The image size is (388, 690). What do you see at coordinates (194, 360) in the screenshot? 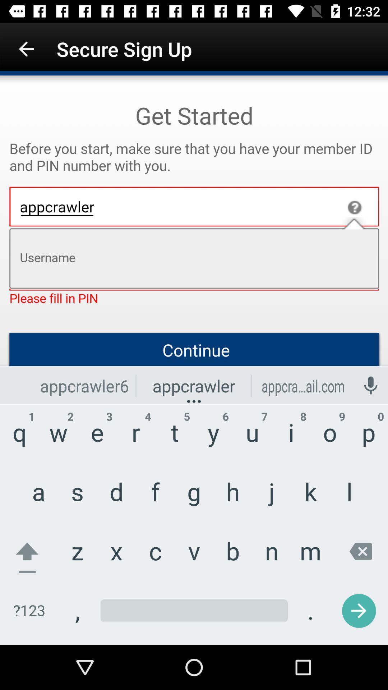
I see `wrong member id` at bounding box center [194, 360].